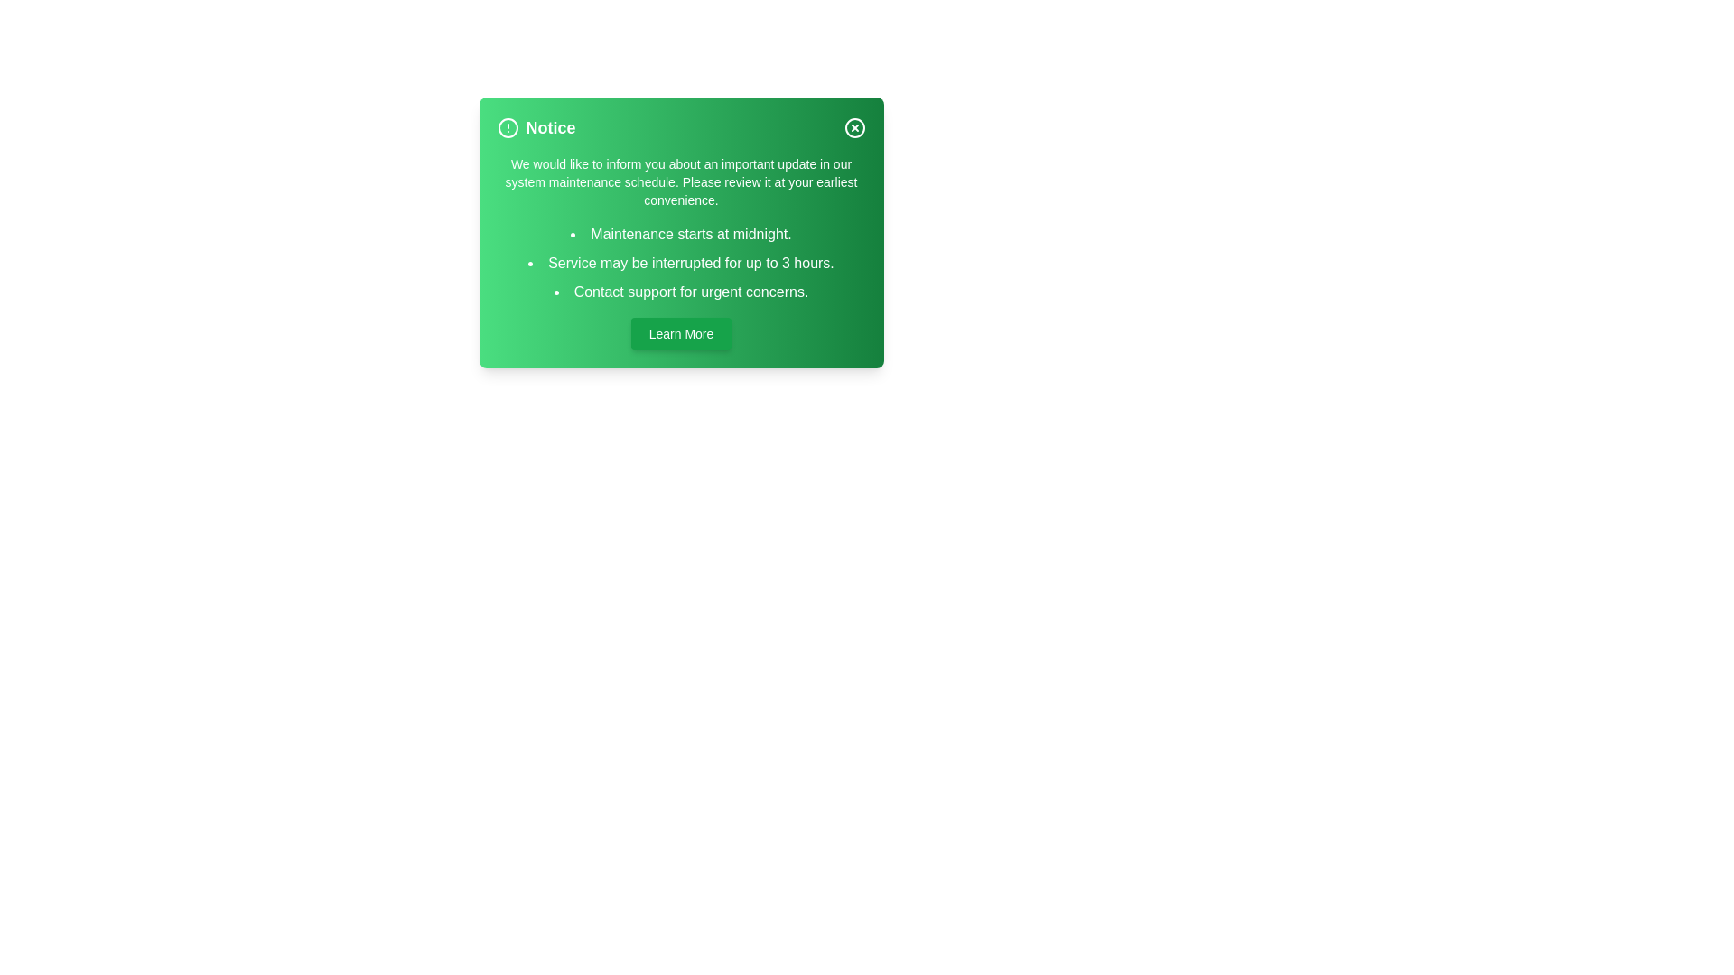 The image size is (1734, 975). Describe the element at coordinates (853, 127) in the screenshot. I see `the outer circle of the graphical close button, which is centrally located within the notification box at the top-right corner` at that location.